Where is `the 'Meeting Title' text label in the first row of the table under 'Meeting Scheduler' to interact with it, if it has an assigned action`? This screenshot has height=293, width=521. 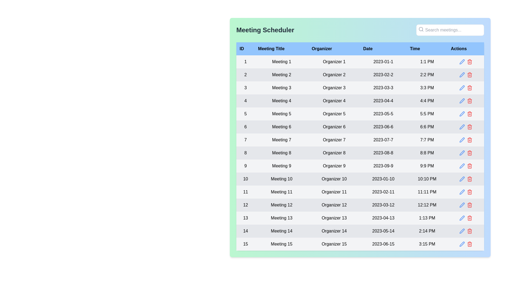
the 'Meeting Title' text label in the first row of the table under 'Meeting Scheduler' to interact with it, if it has an assigned action is located at coordinates (281, 61).